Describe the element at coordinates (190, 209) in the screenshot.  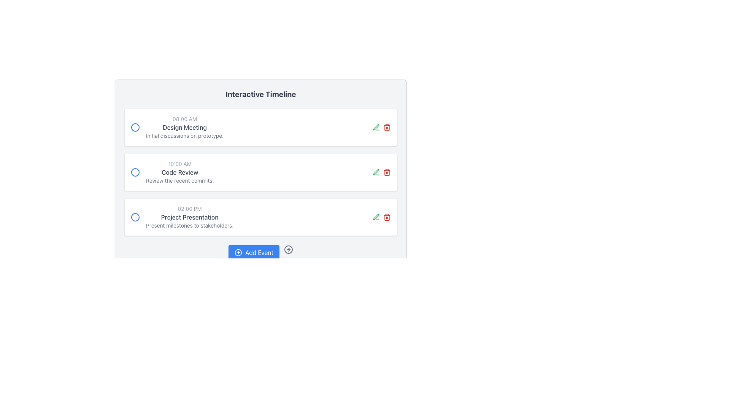
I see `the text label displaying '02:00 PM' in light gray color, located in the top-left section of the 'Project Presentation' event card` at that location.